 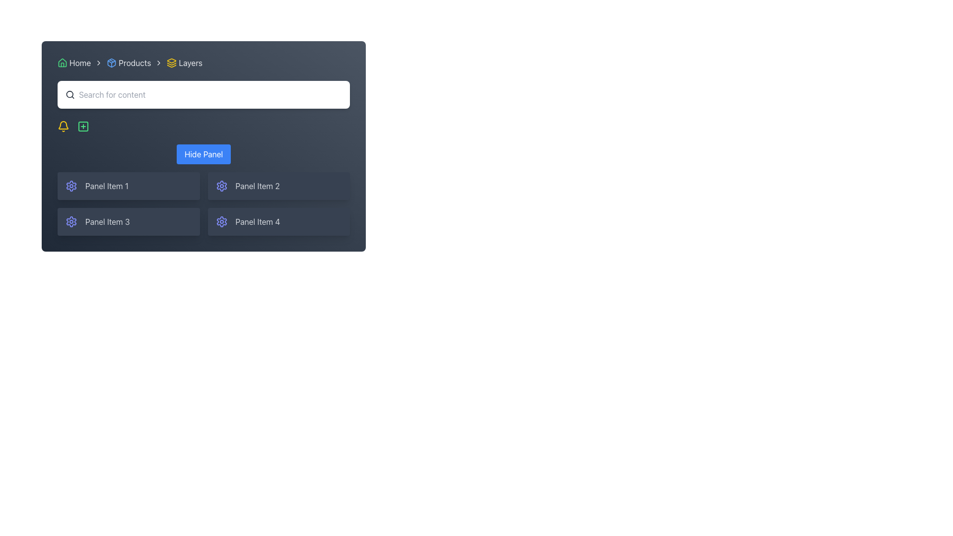 What do you see at coordinates (172, 64) in the screenshot?
I see `the highlighted horizontal line segment of the layered icon next to the 'Layers' label in the navigation header` at bounding box center [172, 64].